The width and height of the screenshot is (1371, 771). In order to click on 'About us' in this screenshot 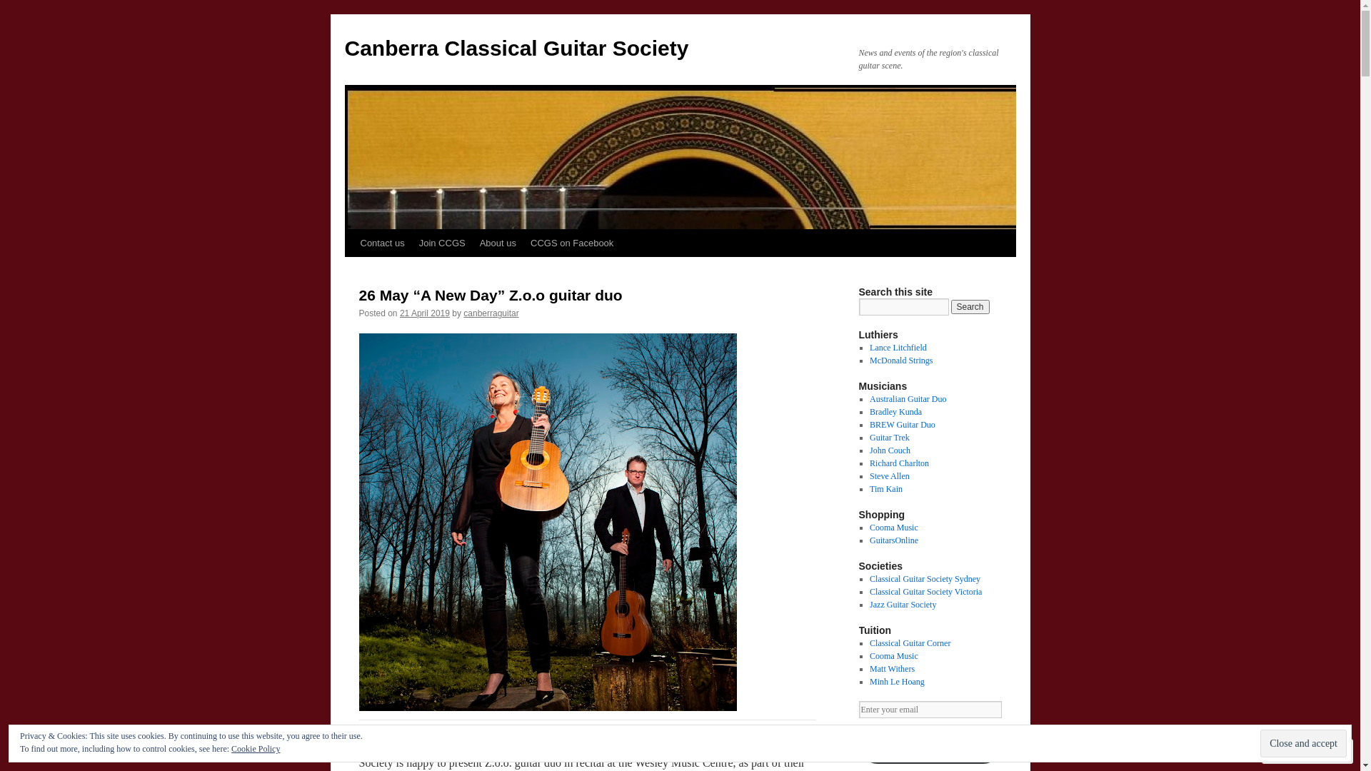, I will do `click(473, 242)`.